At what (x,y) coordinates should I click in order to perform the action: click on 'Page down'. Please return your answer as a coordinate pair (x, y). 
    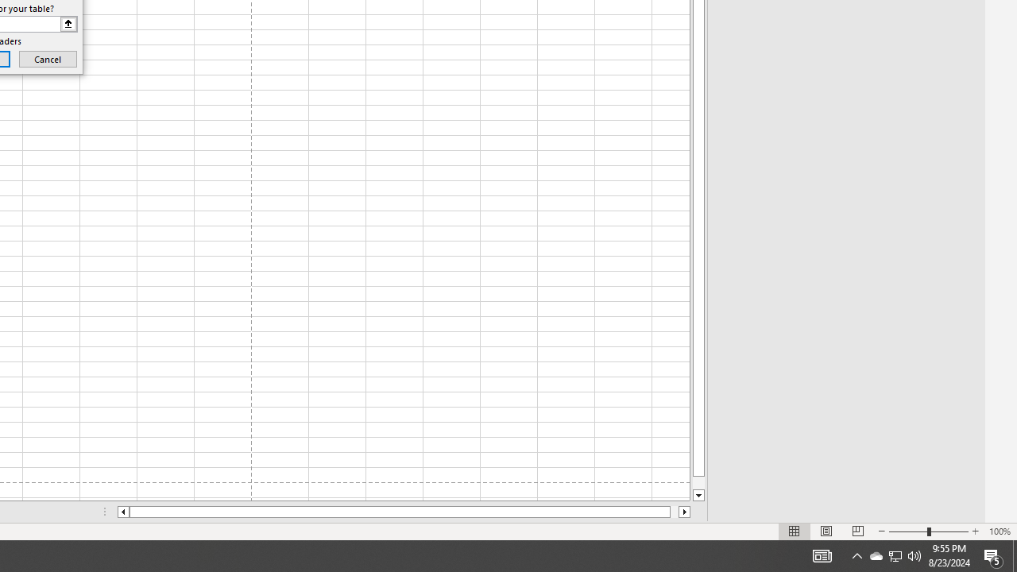
    Looking at the image, I should click on (698, 482).